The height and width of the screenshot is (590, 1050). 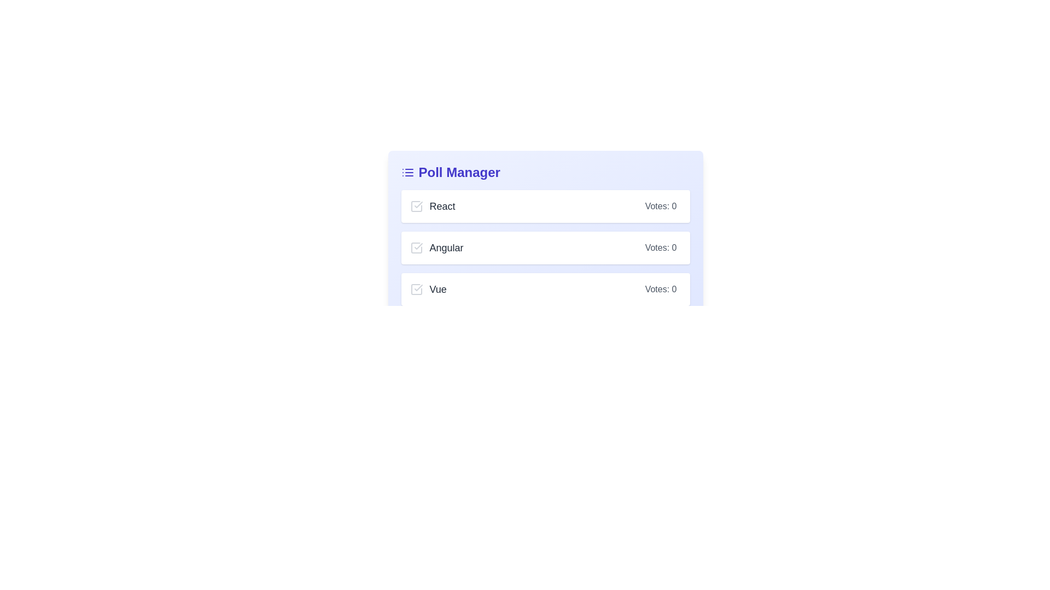 I want to click on the checkbox of the first list item displaying the 'React' poll option, so click(x=545, y=206).